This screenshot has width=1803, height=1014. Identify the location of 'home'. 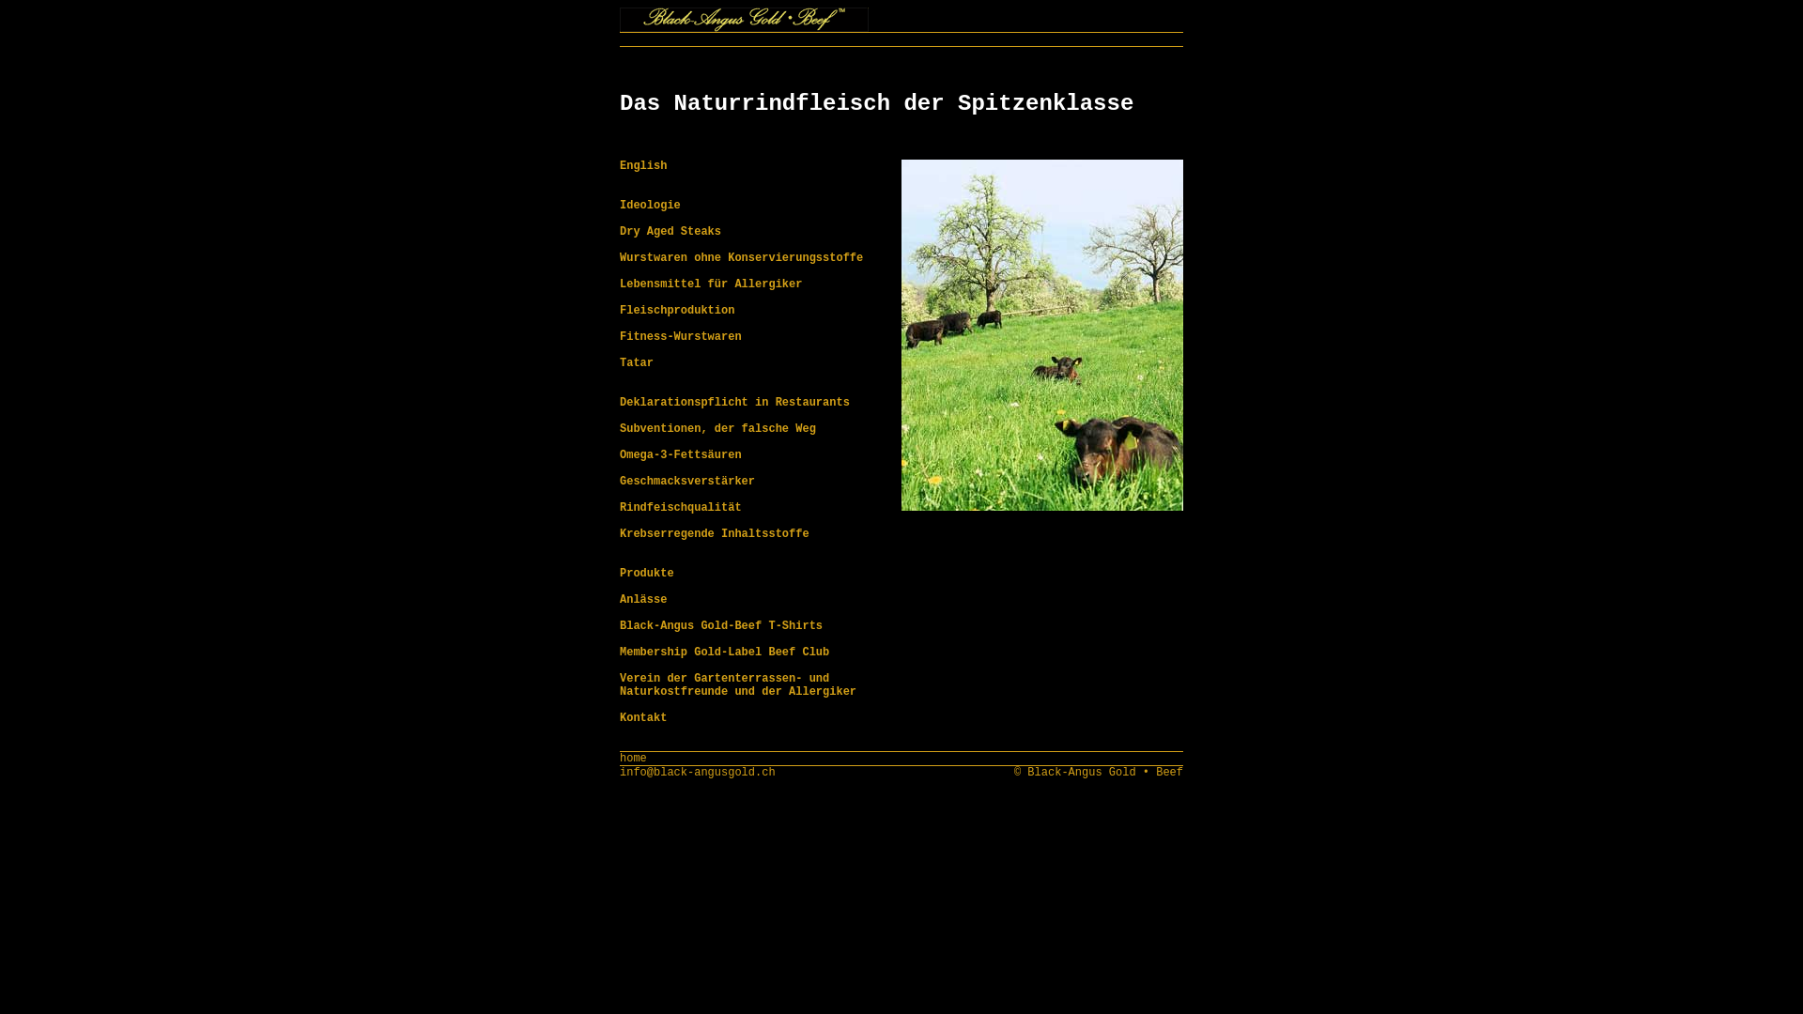
(620, 757).